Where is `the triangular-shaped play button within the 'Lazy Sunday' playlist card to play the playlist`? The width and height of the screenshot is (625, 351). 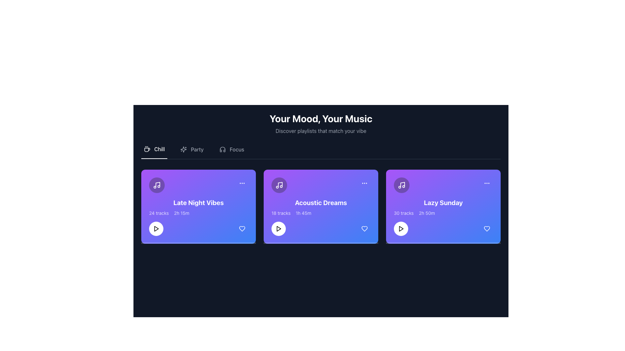
the triangular-shaped play button within the 'Lazy Sunday' playlist card to play the playlist is located at coordinates (401, 228).